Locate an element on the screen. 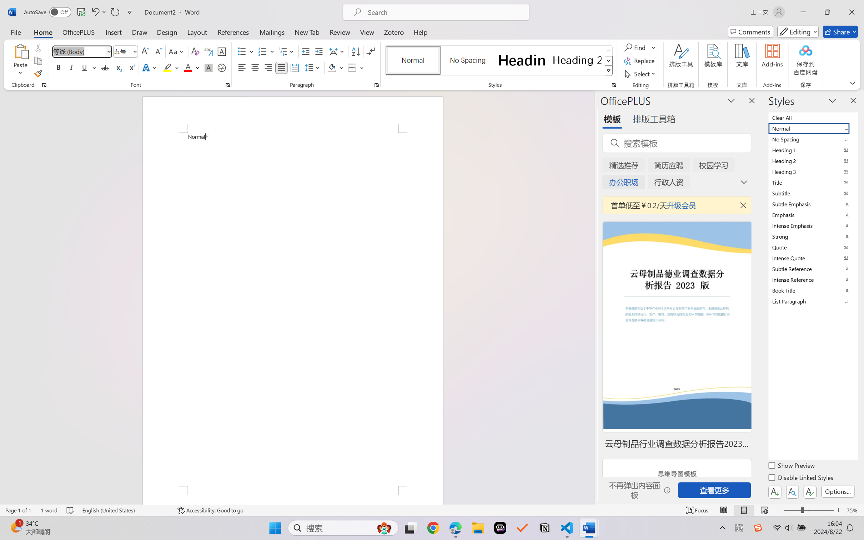 Image resolution: width=864 pixels, height=540 pixels. 'Font Size' is located at coordinates (125, 51).